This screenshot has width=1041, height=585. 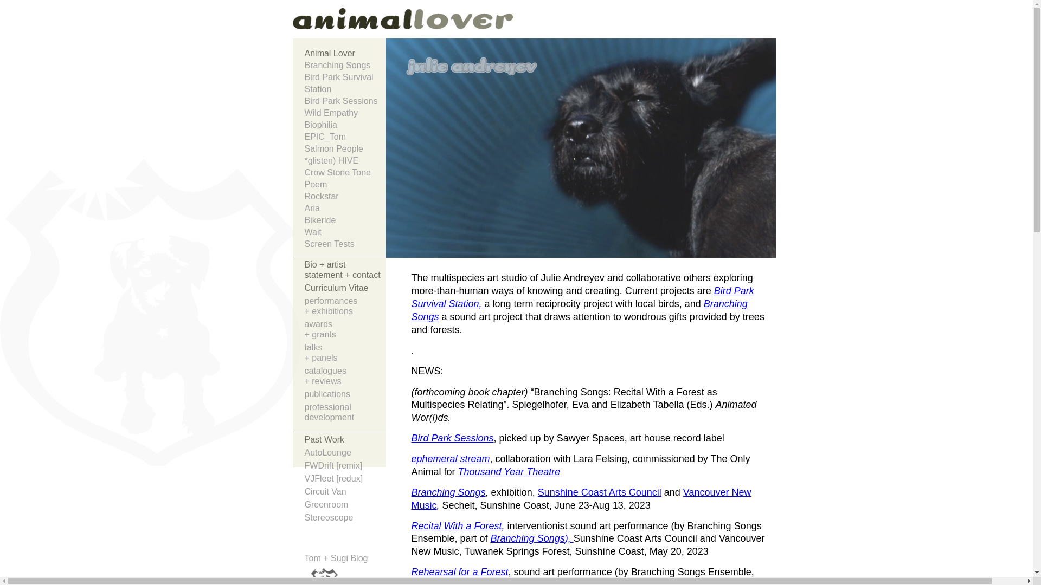 What do you see at coordinates (345, 307) in the screenshot?
I see `'performances` at bounding box center [345, 307].